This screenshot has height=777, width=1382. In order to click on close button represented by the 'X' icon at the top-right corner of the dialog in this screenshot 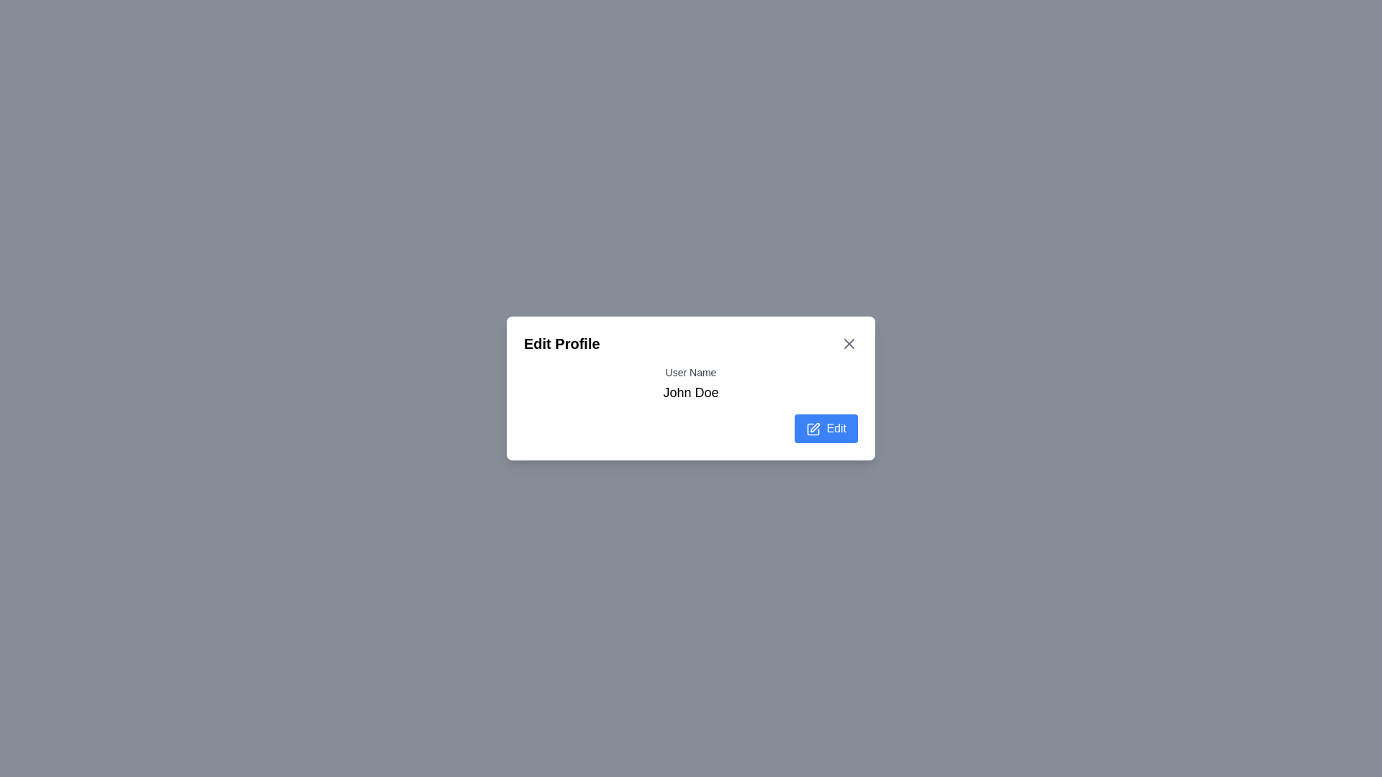, I will do `click(849, 344)`.